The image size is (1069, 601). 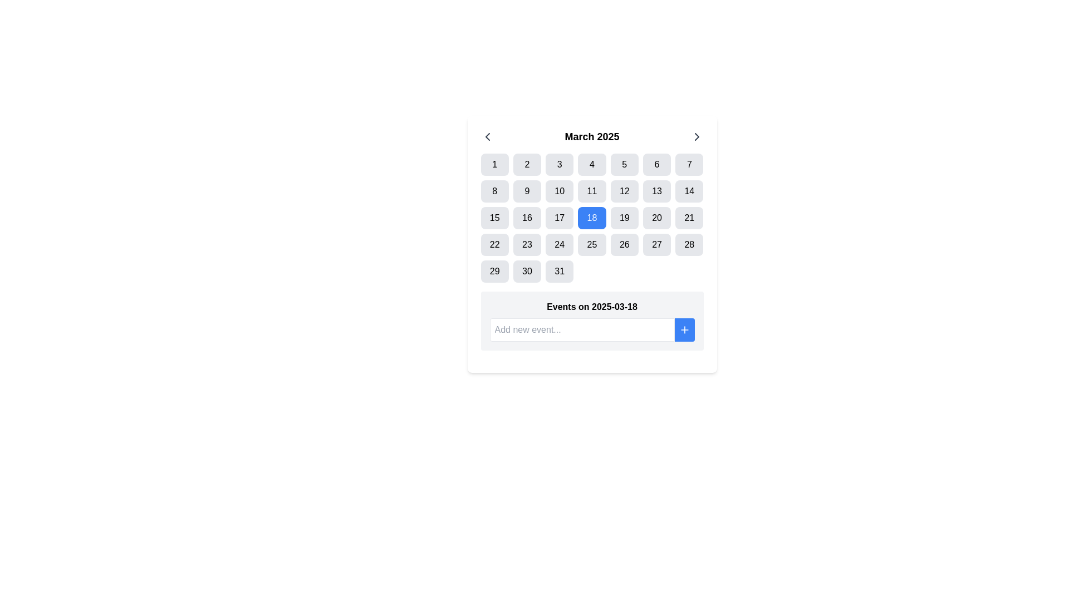 I want to click on the square button with a light gray background and the number '3' in bold, black text, so click(x=560, y=165).